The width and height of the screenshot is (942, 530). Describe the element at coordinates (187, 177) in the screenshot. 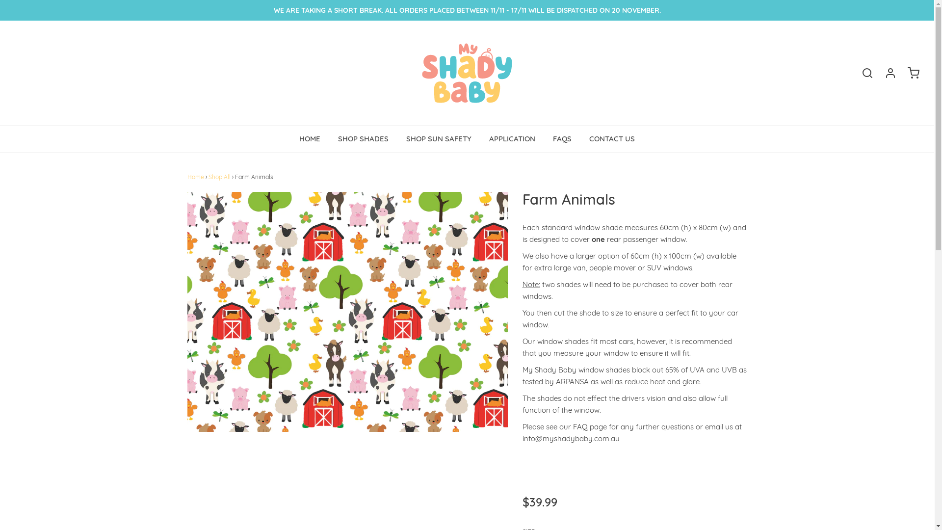

I see `'Home'` at that location.